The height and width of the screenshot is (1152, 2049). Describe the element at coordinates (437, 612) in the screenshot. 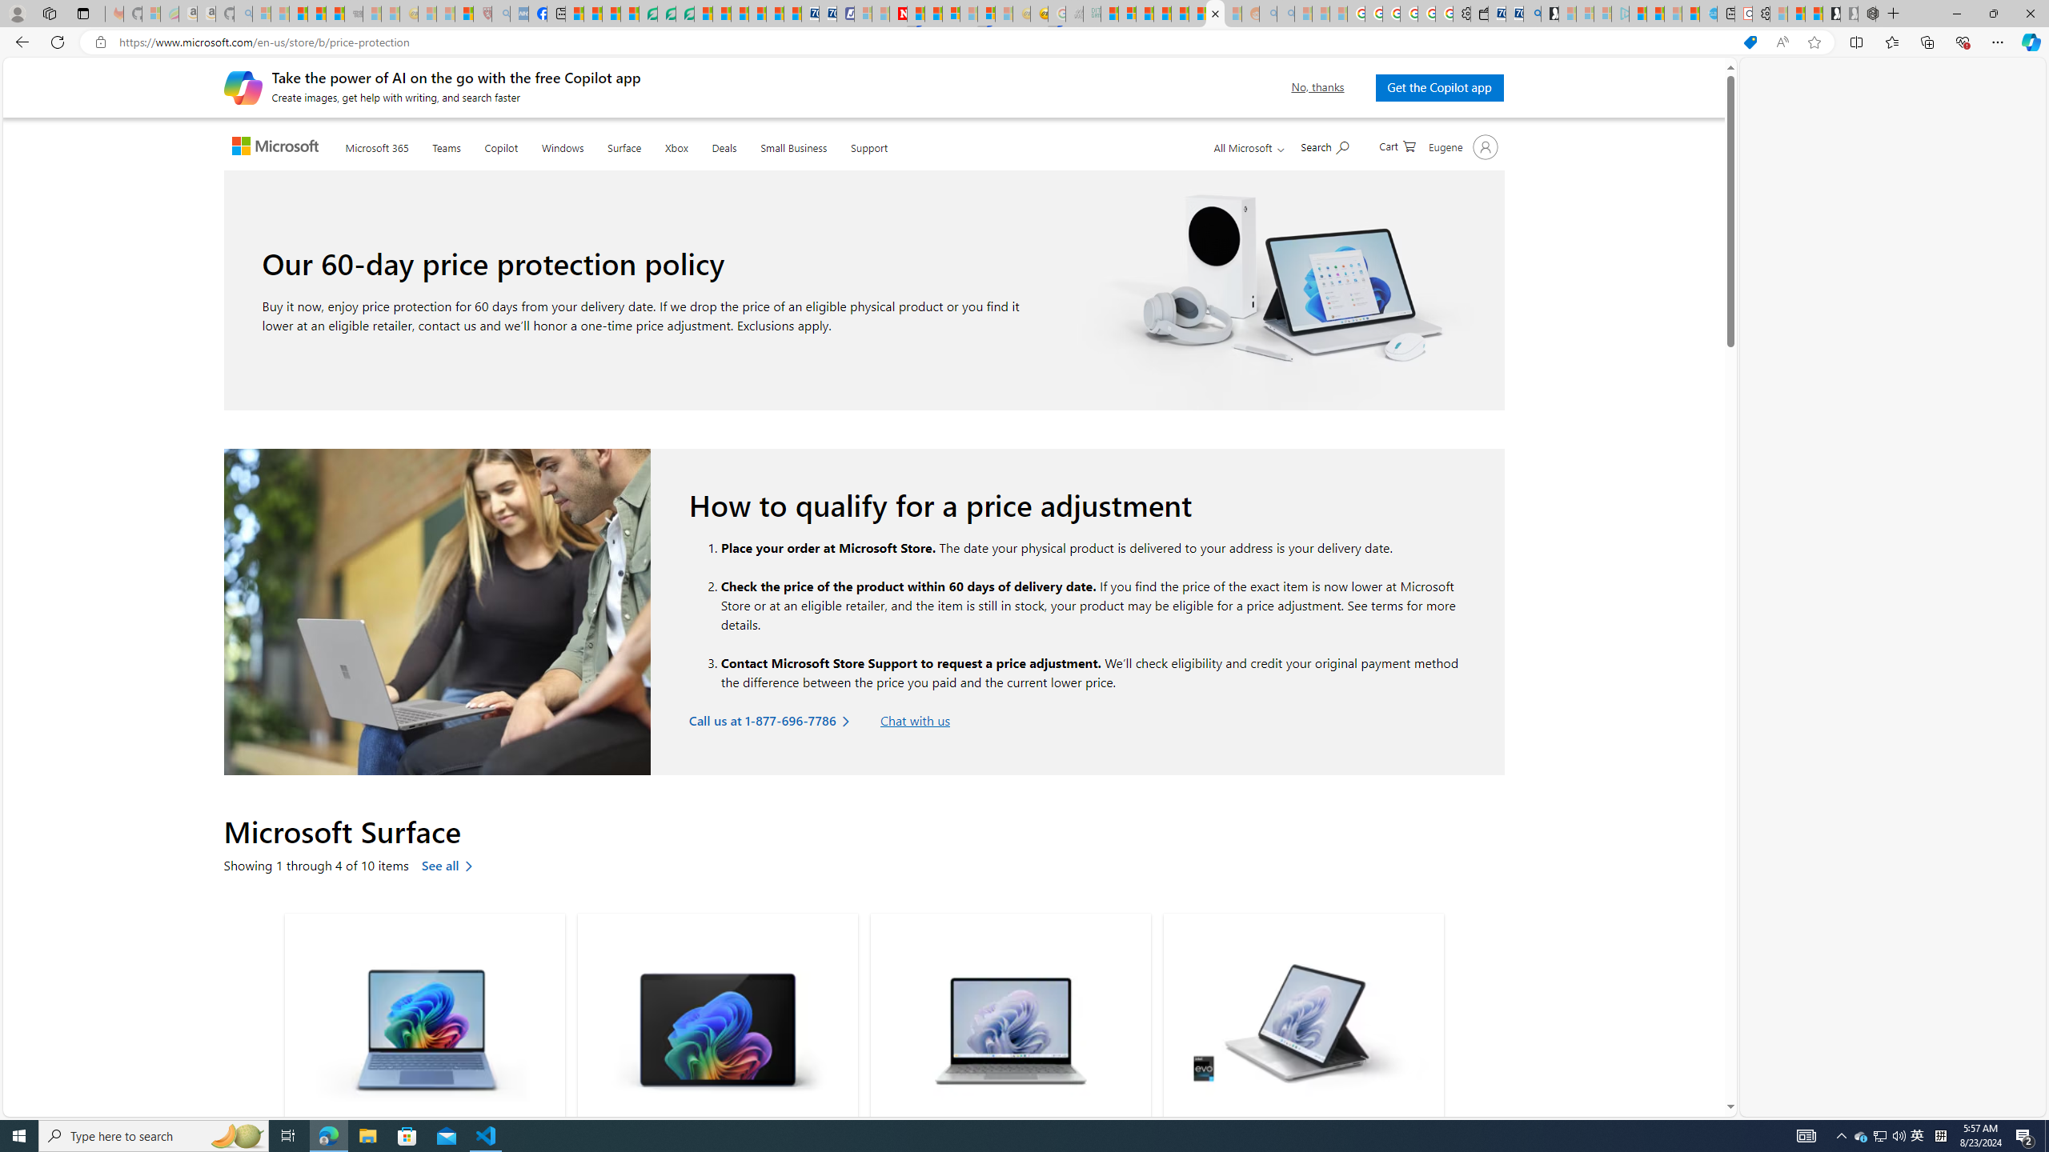

I see `'A woman looking at her Surface laptop'` at that location.